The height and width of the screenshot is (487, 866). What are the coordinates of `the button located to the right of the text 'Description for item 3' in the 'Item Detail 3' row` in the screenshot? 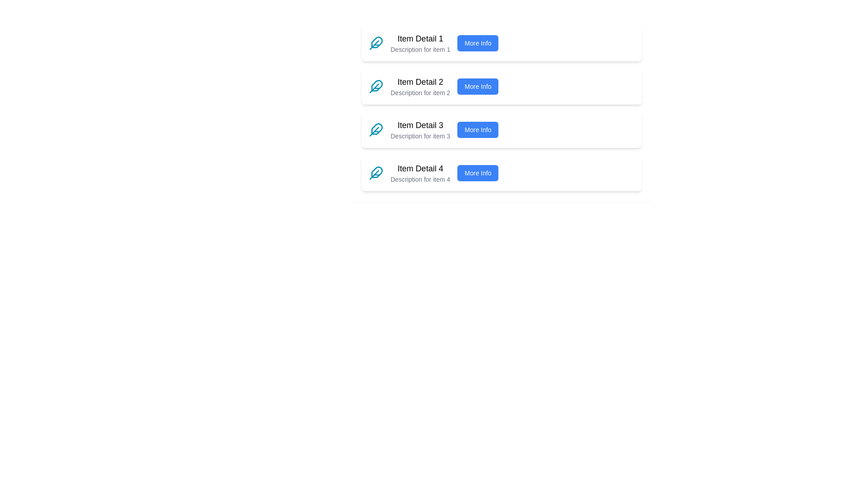 It's located at (477, 130).